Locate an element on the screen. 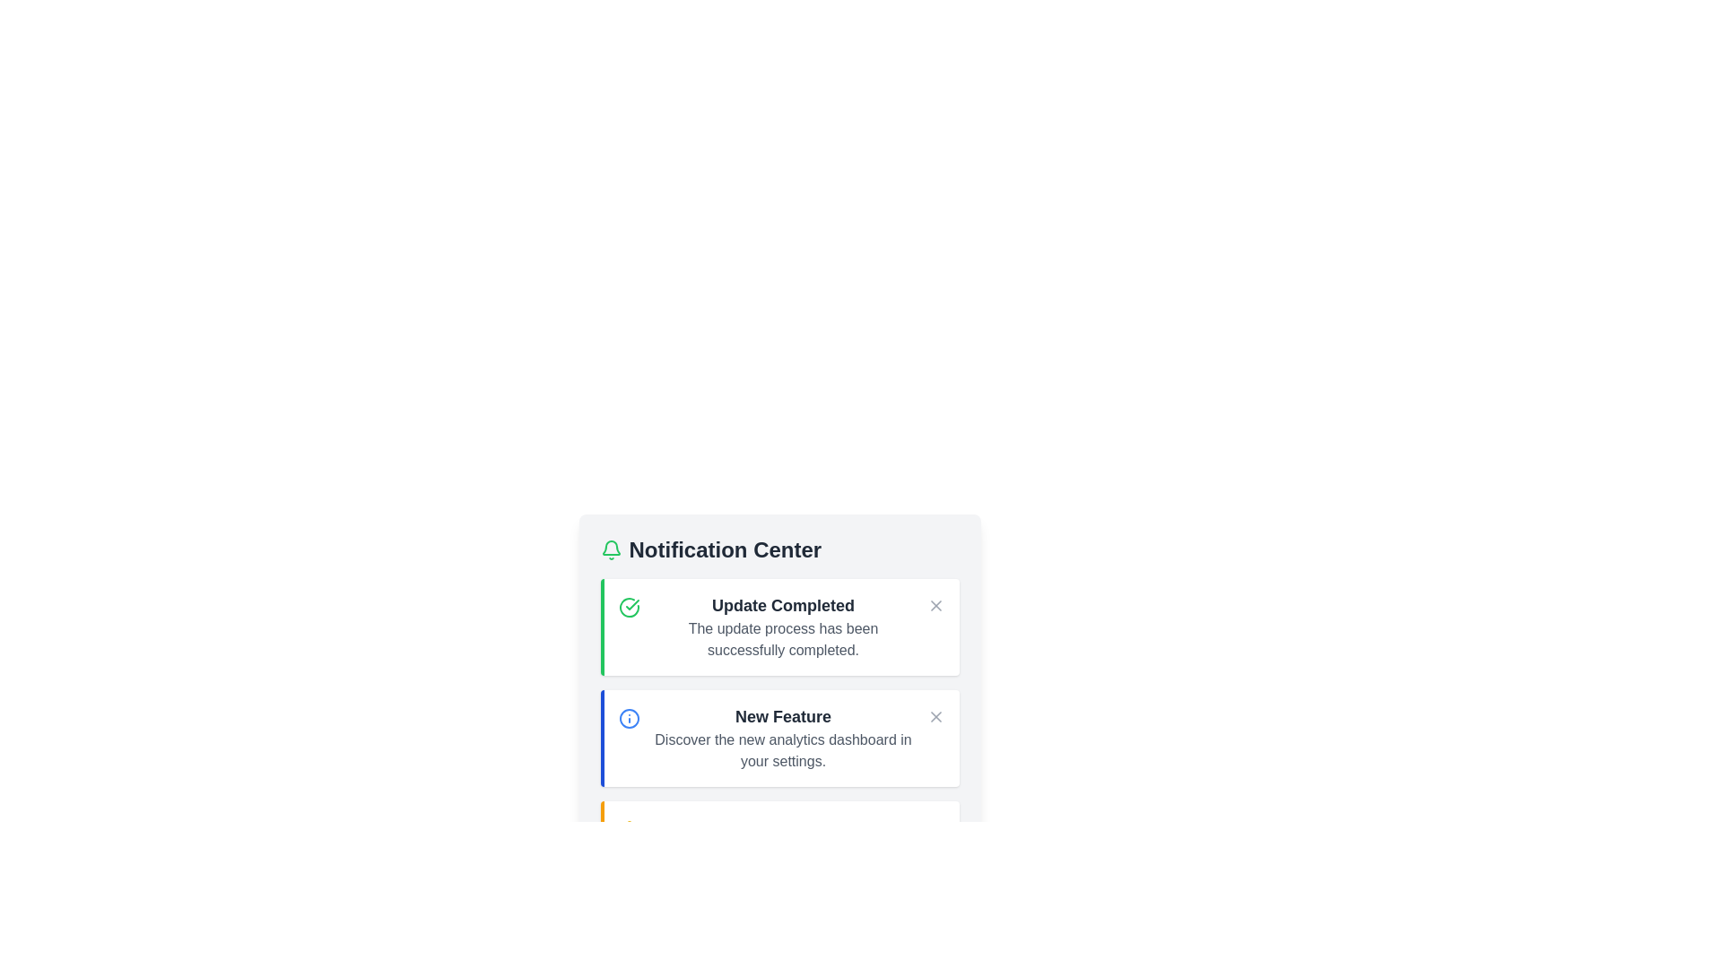 This screenshot has width=1722, height=968. text label displaying 'Update Completed' which is styled in bold and large font, located at the top of a notification card in the Notification Center is located at coordinates (783, 605).